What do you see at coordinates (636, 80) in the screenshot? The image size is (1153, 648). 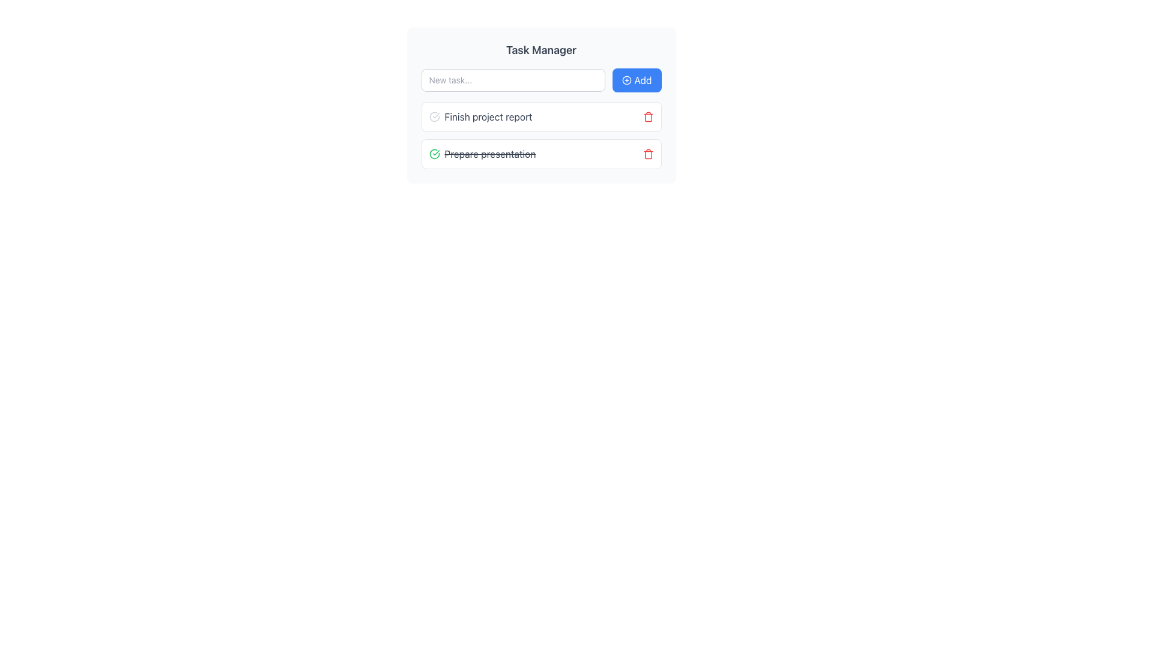 I see `the 'Add' button located in the top-right corner of the grouping, which has a blue background and white text with a plus icon, to initiate the add action` at bounding box center [636, 80].